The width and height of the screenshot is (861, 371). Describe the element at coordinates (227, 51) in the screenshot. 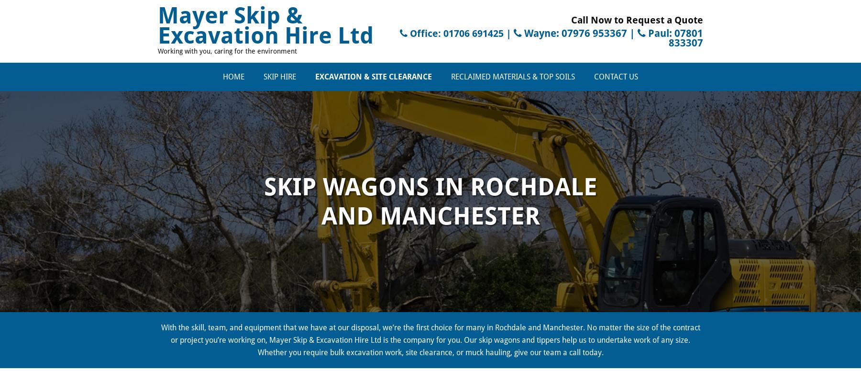

I see `'Working with you, caring for the environment'` at that location.